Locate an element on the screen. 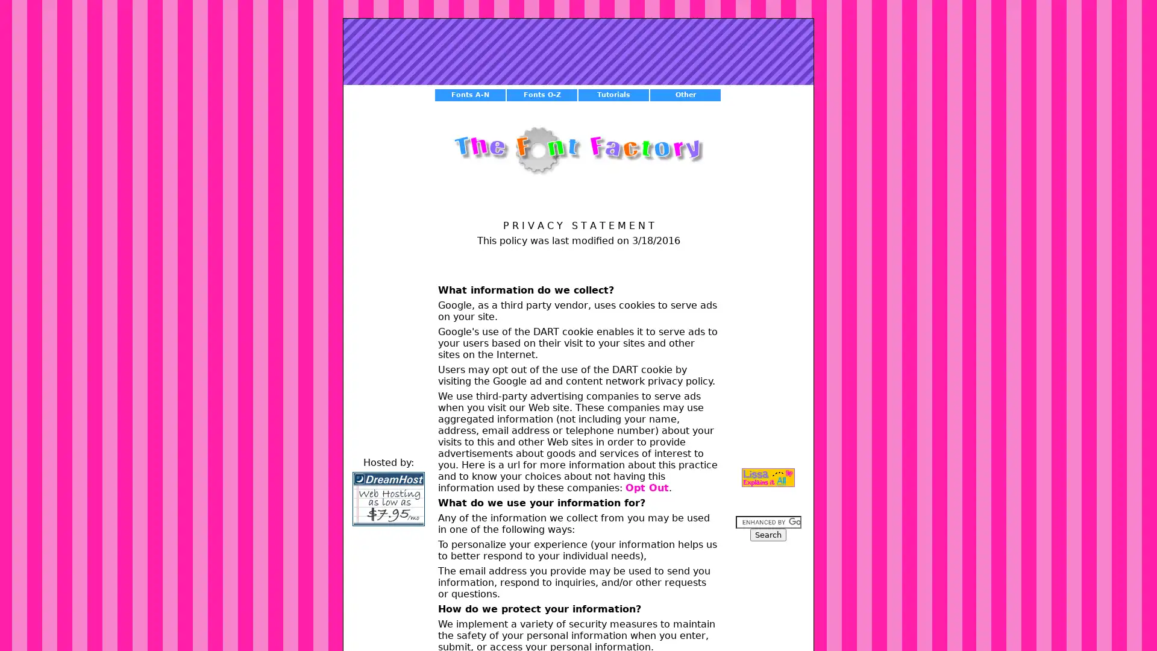  Search is located at coordinates (768, 534).